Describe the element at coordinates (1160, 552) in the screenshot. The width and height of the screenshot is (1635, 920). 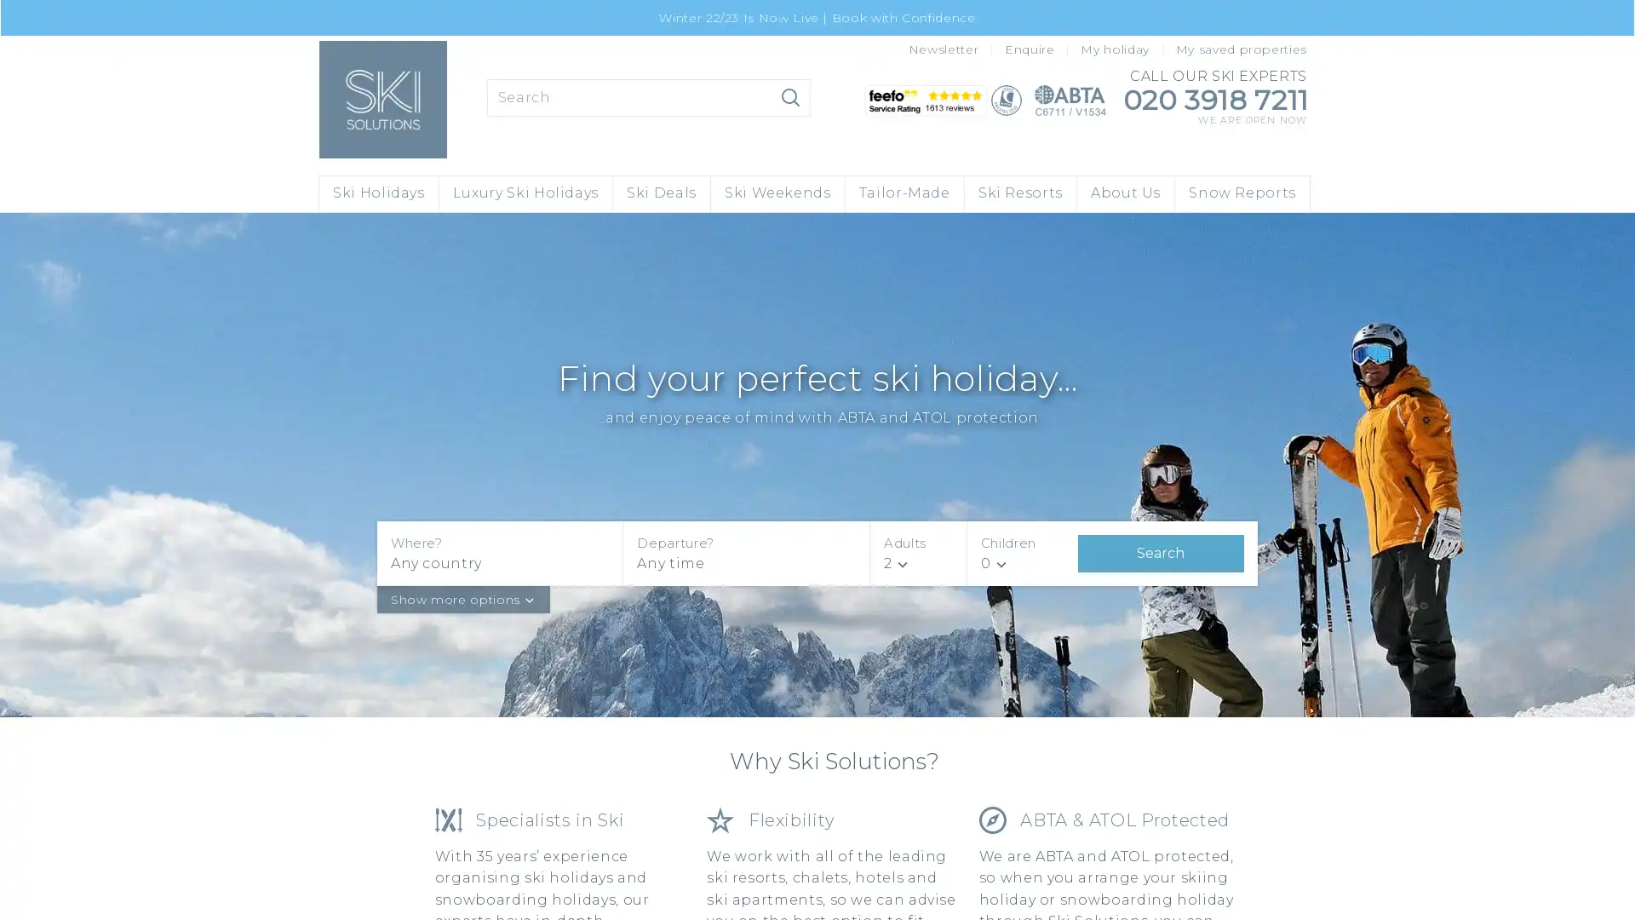
I see `Search` at that location.